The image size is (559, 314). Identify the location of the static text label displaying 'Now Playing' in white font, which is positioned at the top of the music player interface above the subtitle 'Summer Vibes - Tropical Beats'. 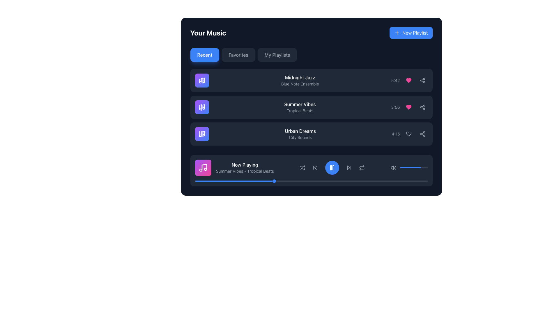
(245, 165).